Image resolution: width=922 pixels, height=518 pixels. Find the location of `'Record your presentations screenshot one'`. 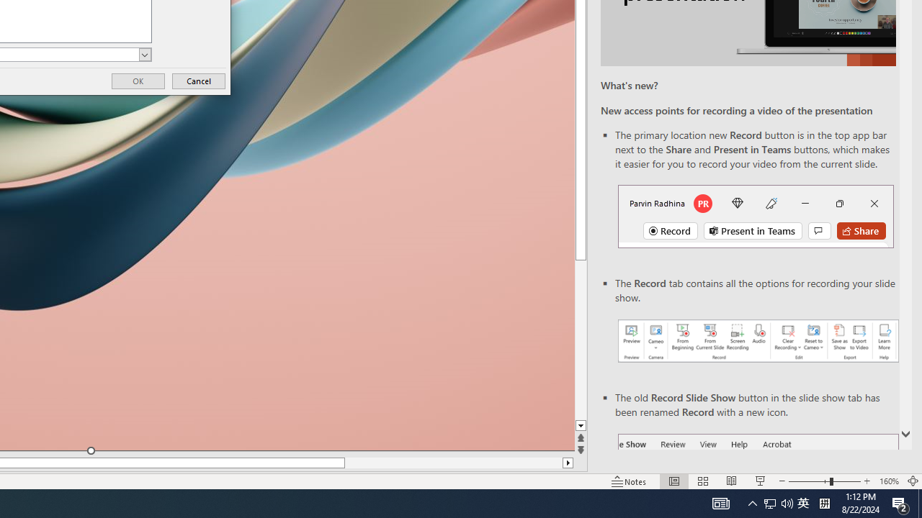

'Record your presentations screenshot one' is located at coordinates (757, 341).